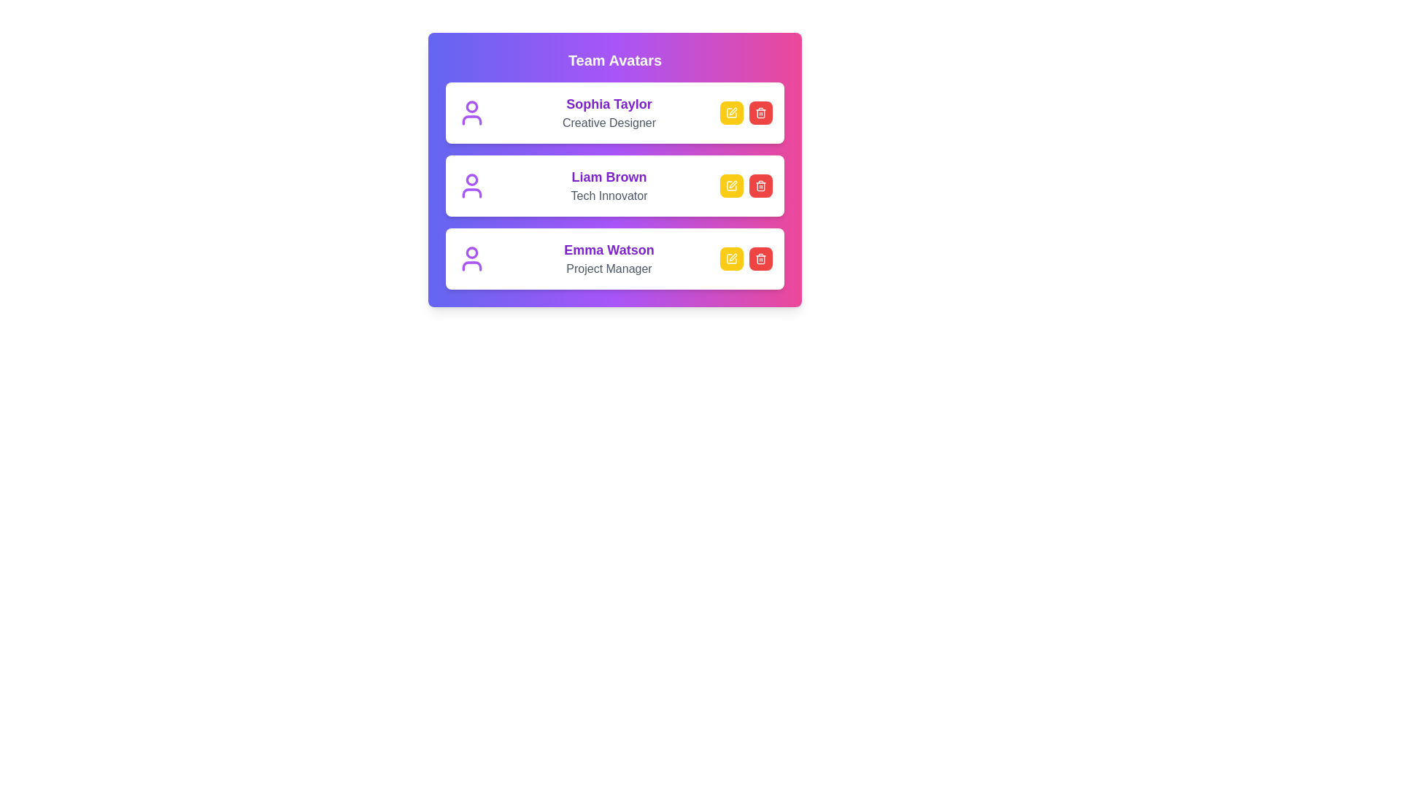 The image size is (1401, 788). Describe the element at coordinates (472, 112) in the screenshot. I see `the purple user avatar icon representing 'Sophia Taylor, Creative Designer' located in the top-left corner of the list item card` at that location.